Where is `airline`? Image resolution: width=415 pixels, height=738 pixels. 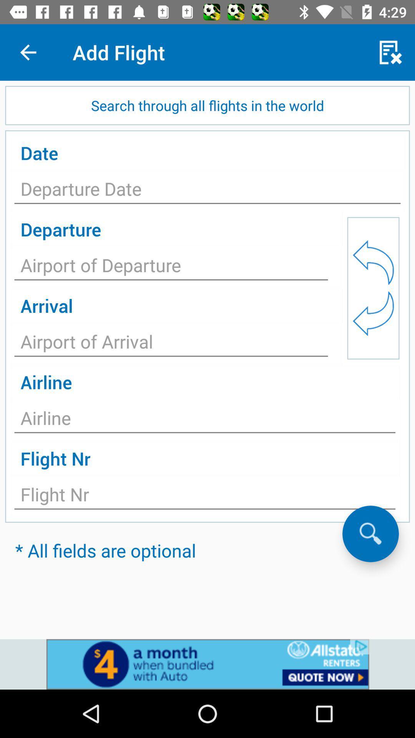
airline is located at coordinates (204, 420).